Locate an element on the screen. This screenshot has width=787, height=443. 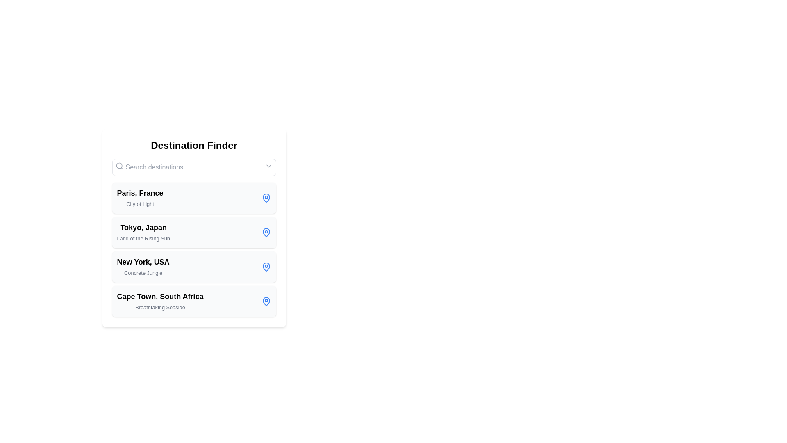
the bold text label 'Destination Finder' located at the top of the interface, just above the search box is located at coordinates (193, 145).